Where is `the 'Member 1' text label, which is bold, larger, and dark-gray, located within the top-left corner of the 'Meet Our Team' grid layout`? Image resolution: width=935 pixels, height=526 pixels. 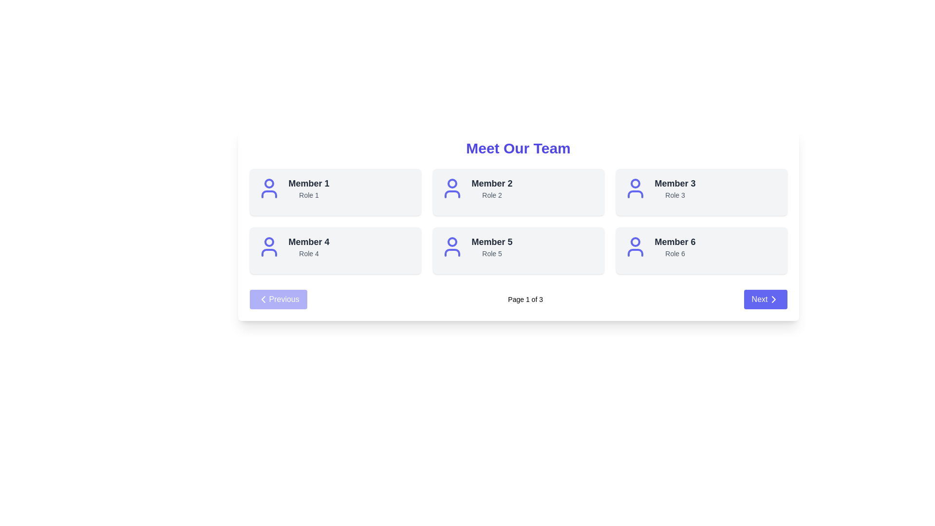
the 'Member 1' text label, which is bold, larger, and dark-gray, located within the top-left corner of the 'Meet Our Team' grid layout is located at coordinates (308, 184).